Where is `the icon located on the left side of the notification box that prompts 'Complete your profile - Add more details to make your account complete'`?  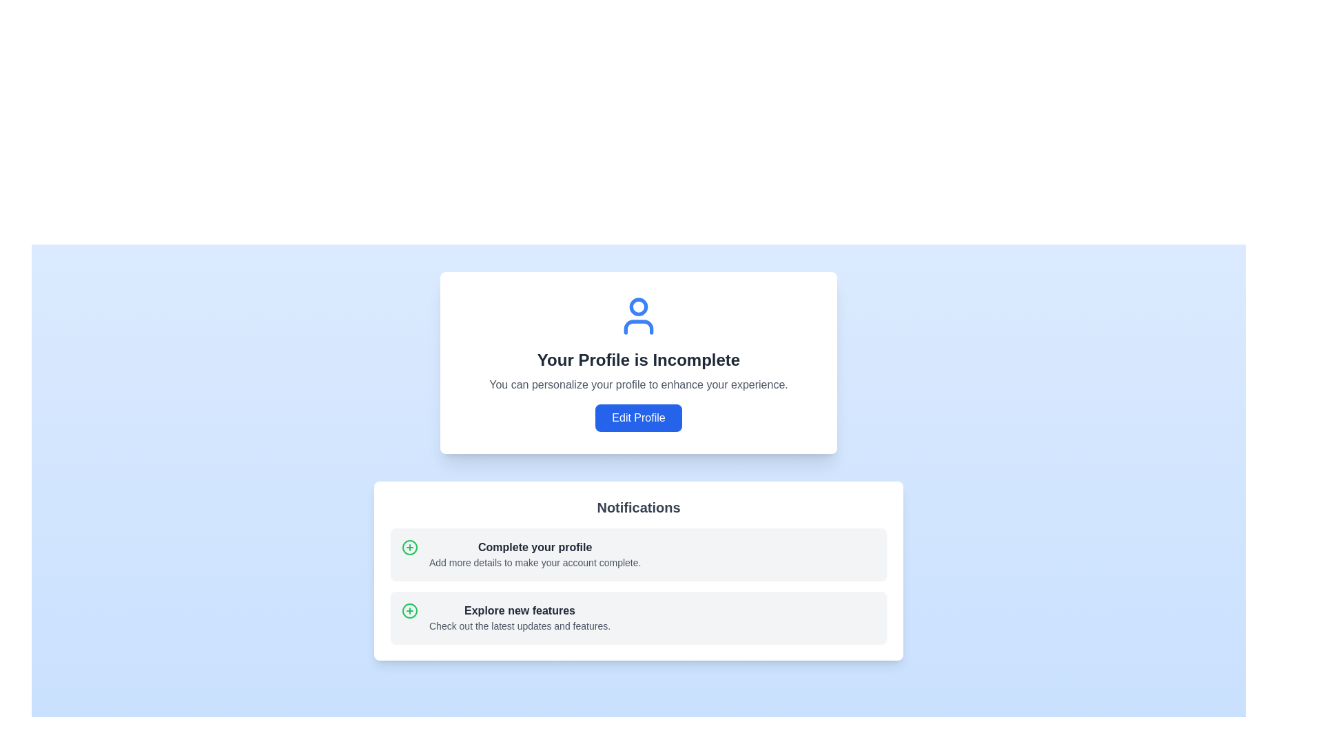 the icon located on the left side of the notification box that prompts 'Complete your profile - Add more details to make your account complete' is located at coordinates (409, 546).